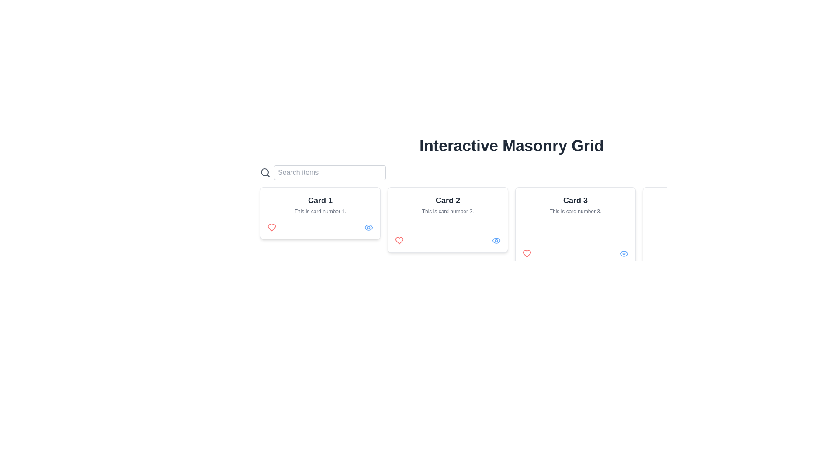 Image resolution: width=839 pixels, height=471 pixels. What do you see at coordinates (512, 146) in the screenshot?
I see `the text label that displays 'Interactive Masonry Grid', which is a bold, large-sized header styled in dark gray at the top-center of the interface` at bounding box center [512, 146].